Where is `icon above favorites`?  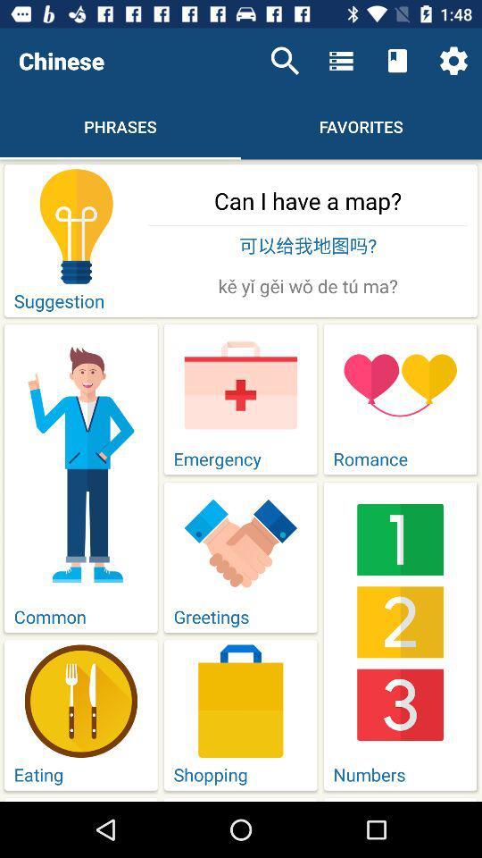 icon above favorites is located at coordinates (397, 61).